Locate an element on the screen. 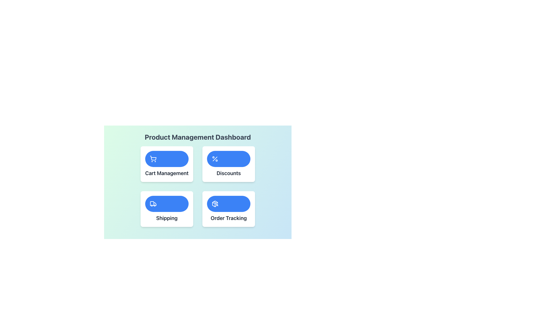 Image resolution: width=552 pixels, height=311 pixels. the SVG truck icon representing 'Shipping' located in the bottom-left section of the button grid is located at coordinates (153, 204).